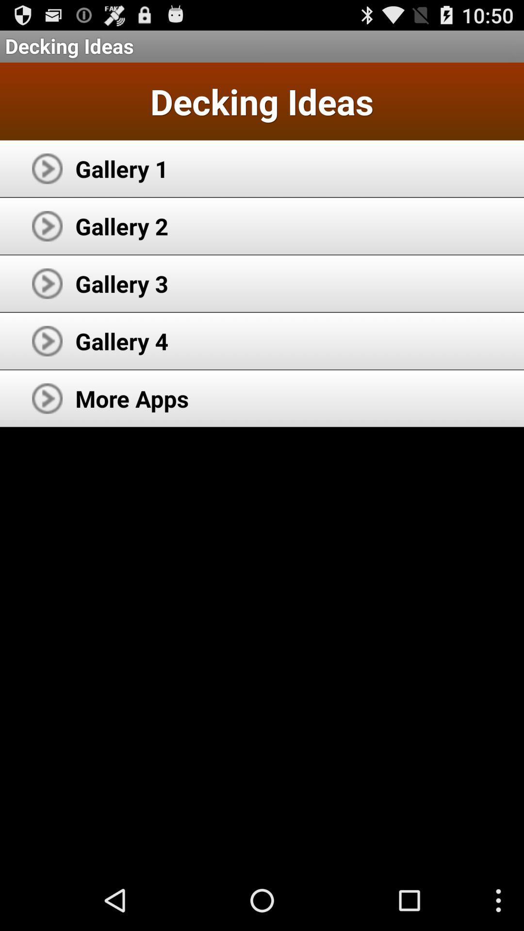 Image resolution: width=524 pixels, height=931 pixels. What do you see at coordinates (121, 225) in the screenshot?
I see `the item above gallery 3 icon` at bounding box center [121, 225].